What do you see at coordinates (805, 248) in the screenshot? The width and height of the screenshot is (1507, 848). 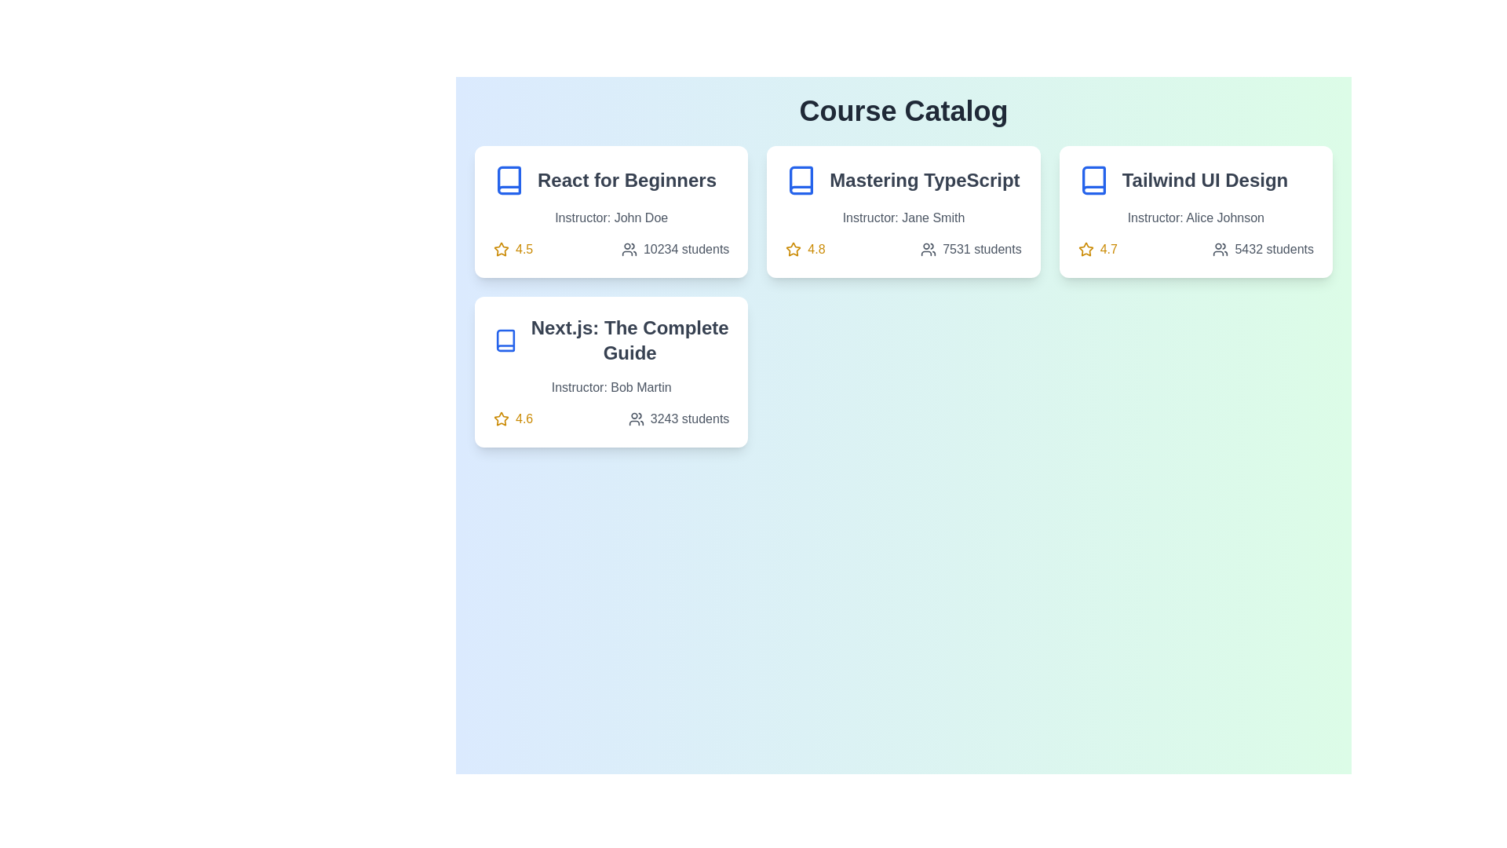 I see `the Rating display component that shows the course rating for 'Mastering TypeScript' in the Course Catalog grid` at bounding box center [805, 248].